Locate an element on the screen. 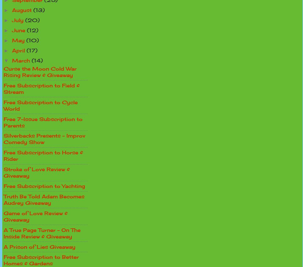  'A Prison of Lies Giveaway' is located at coordinates (39, 247).